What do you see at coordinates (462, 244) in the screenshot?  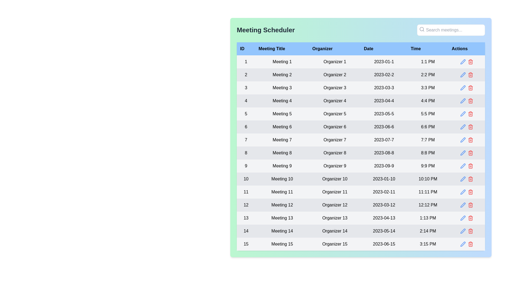 I see `the stylized blue icon resembling a pen located in the last row of the table within the 'Actions' column` at bounding box center [462, 244].